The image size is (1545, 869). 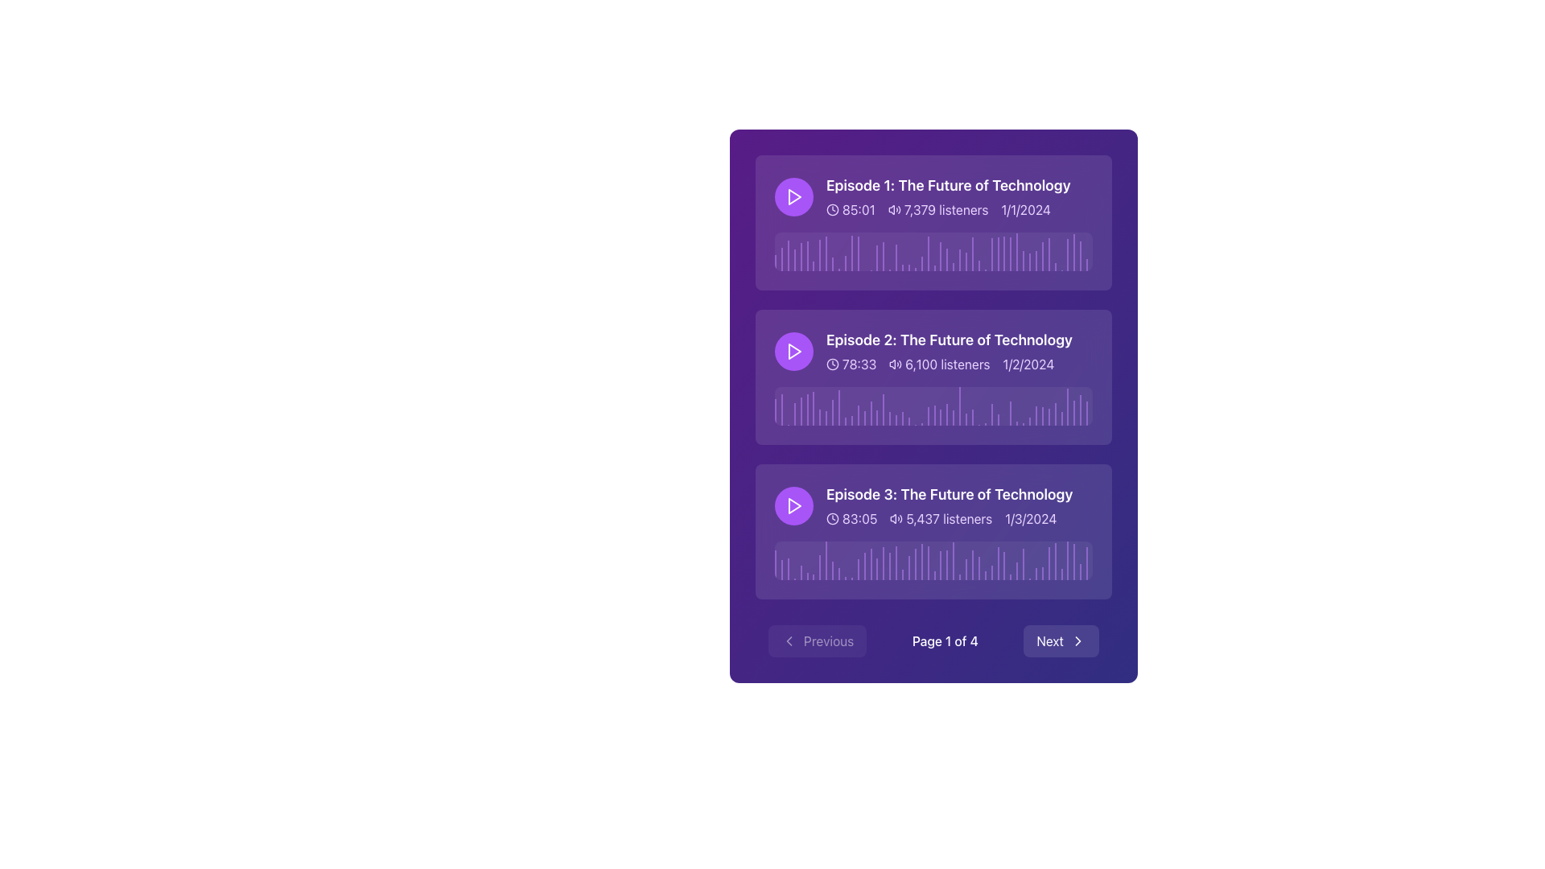 What do you see at coordinates (971, 564) in the screenshot?
I see `the position of the progress indicator within the waveform of the audio track 'Episode 3: The Future of Technology'` at bounding box center [971, 564].